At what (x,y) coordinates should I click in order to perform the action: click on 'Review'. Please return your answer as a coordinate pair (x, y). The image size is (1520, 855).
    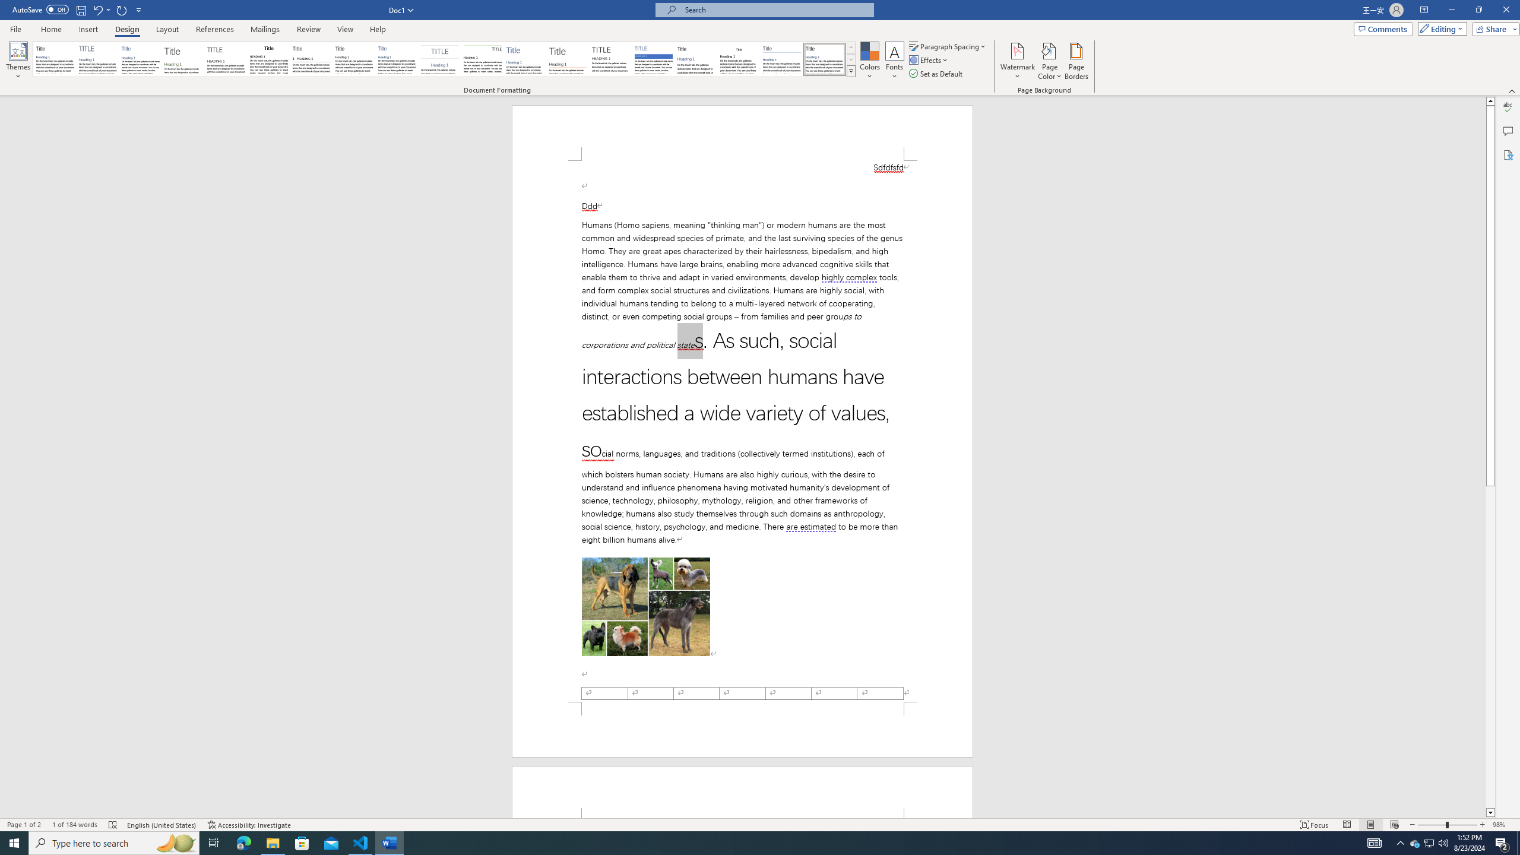
    Looking at the image, I should click on (308, 29).